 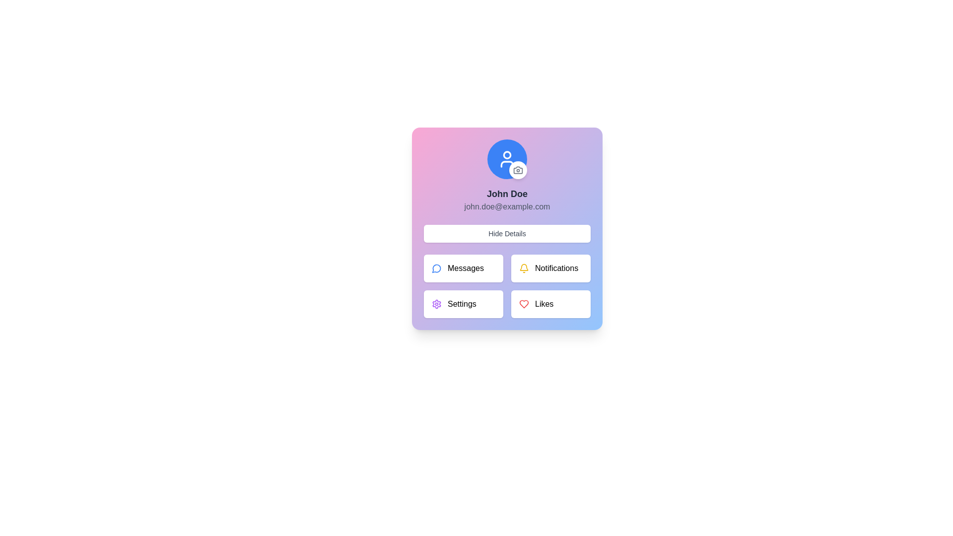 What do you see at coordinates (436, 268) in the screenshot?
I see `the 'Messages' button icon, which serves as a visual identifier for messaging functionalities, located at the top-left position among four buttons within the card` at bounding box center [436, 268].